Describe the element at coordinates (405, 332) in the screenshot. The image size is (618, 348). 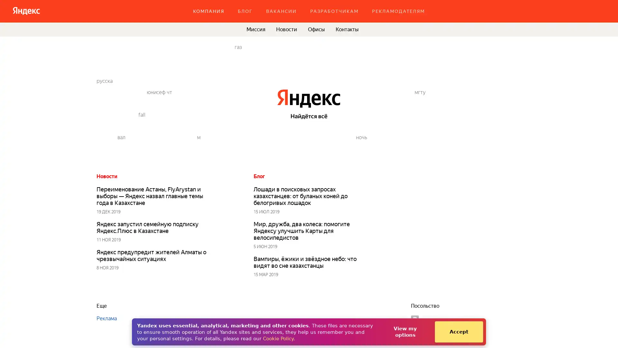
I see `View my options` at that location.